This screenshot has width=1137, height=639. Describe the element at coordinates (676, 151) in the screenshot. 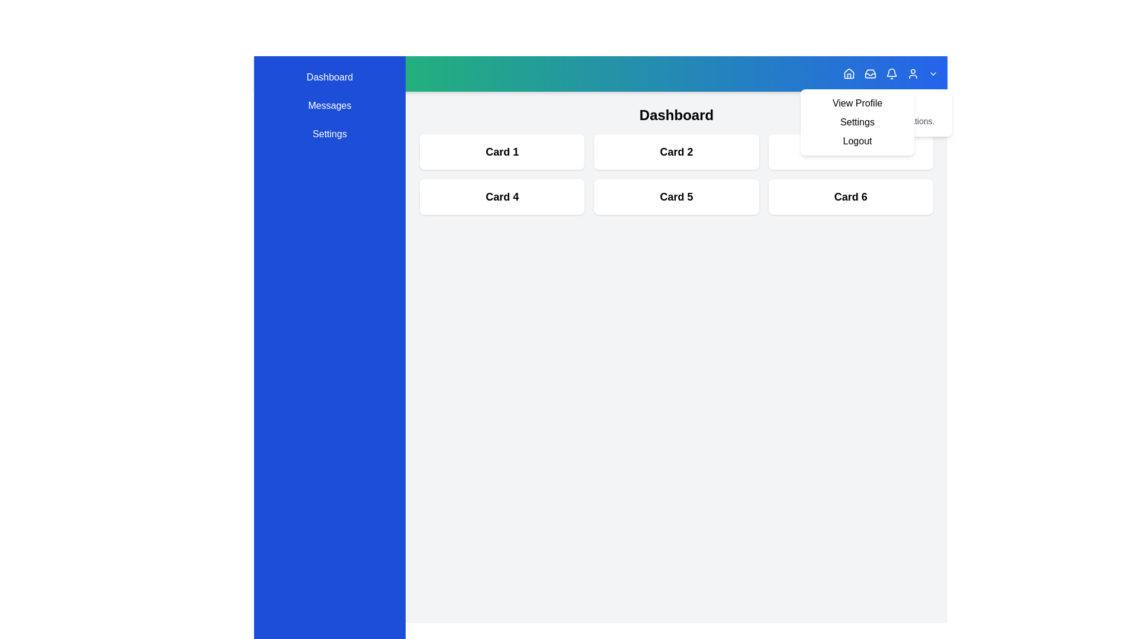

I see `the static text label identified as 'Card 2', which serves as the title for the corresponding card located in the top row of the card grid` at that location.